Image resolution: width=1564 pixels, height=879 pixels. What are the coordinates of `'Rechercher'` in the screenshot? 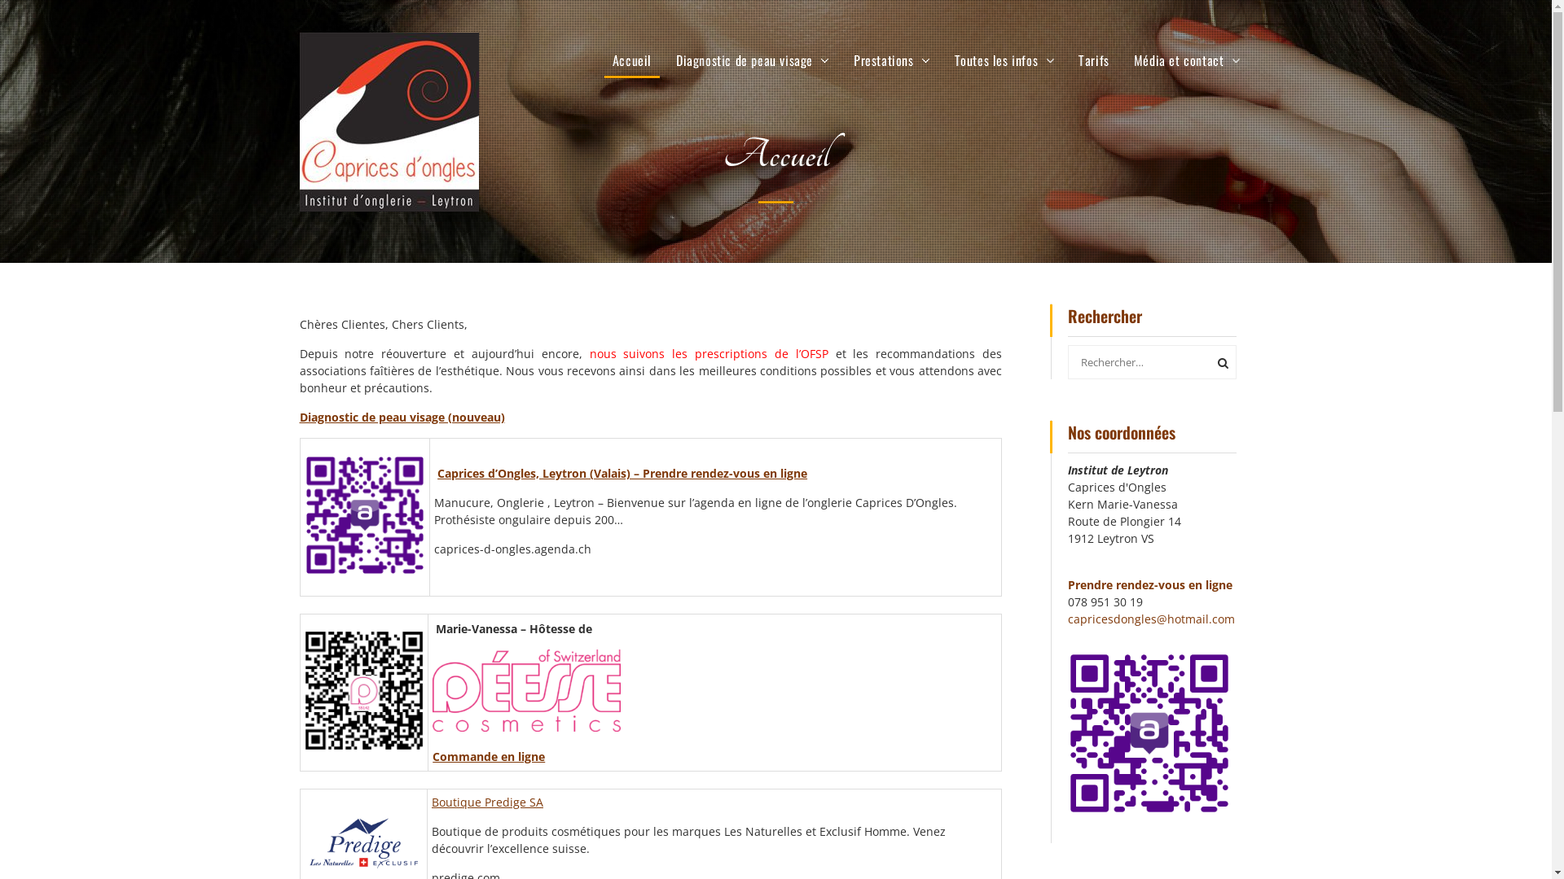 It's located at (1219, 361).